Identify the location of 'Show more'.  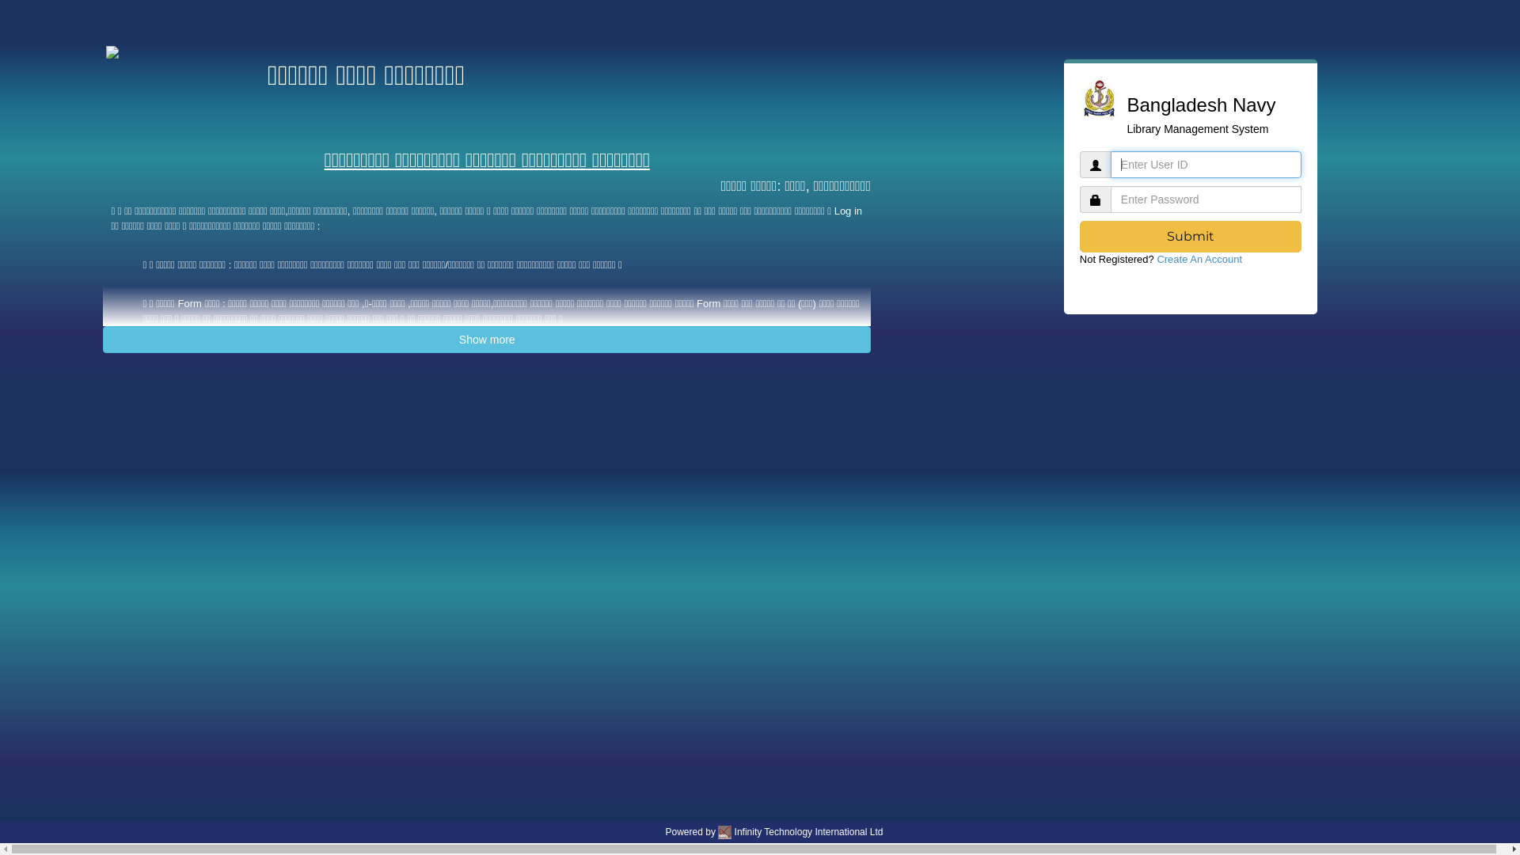
(485, 338).